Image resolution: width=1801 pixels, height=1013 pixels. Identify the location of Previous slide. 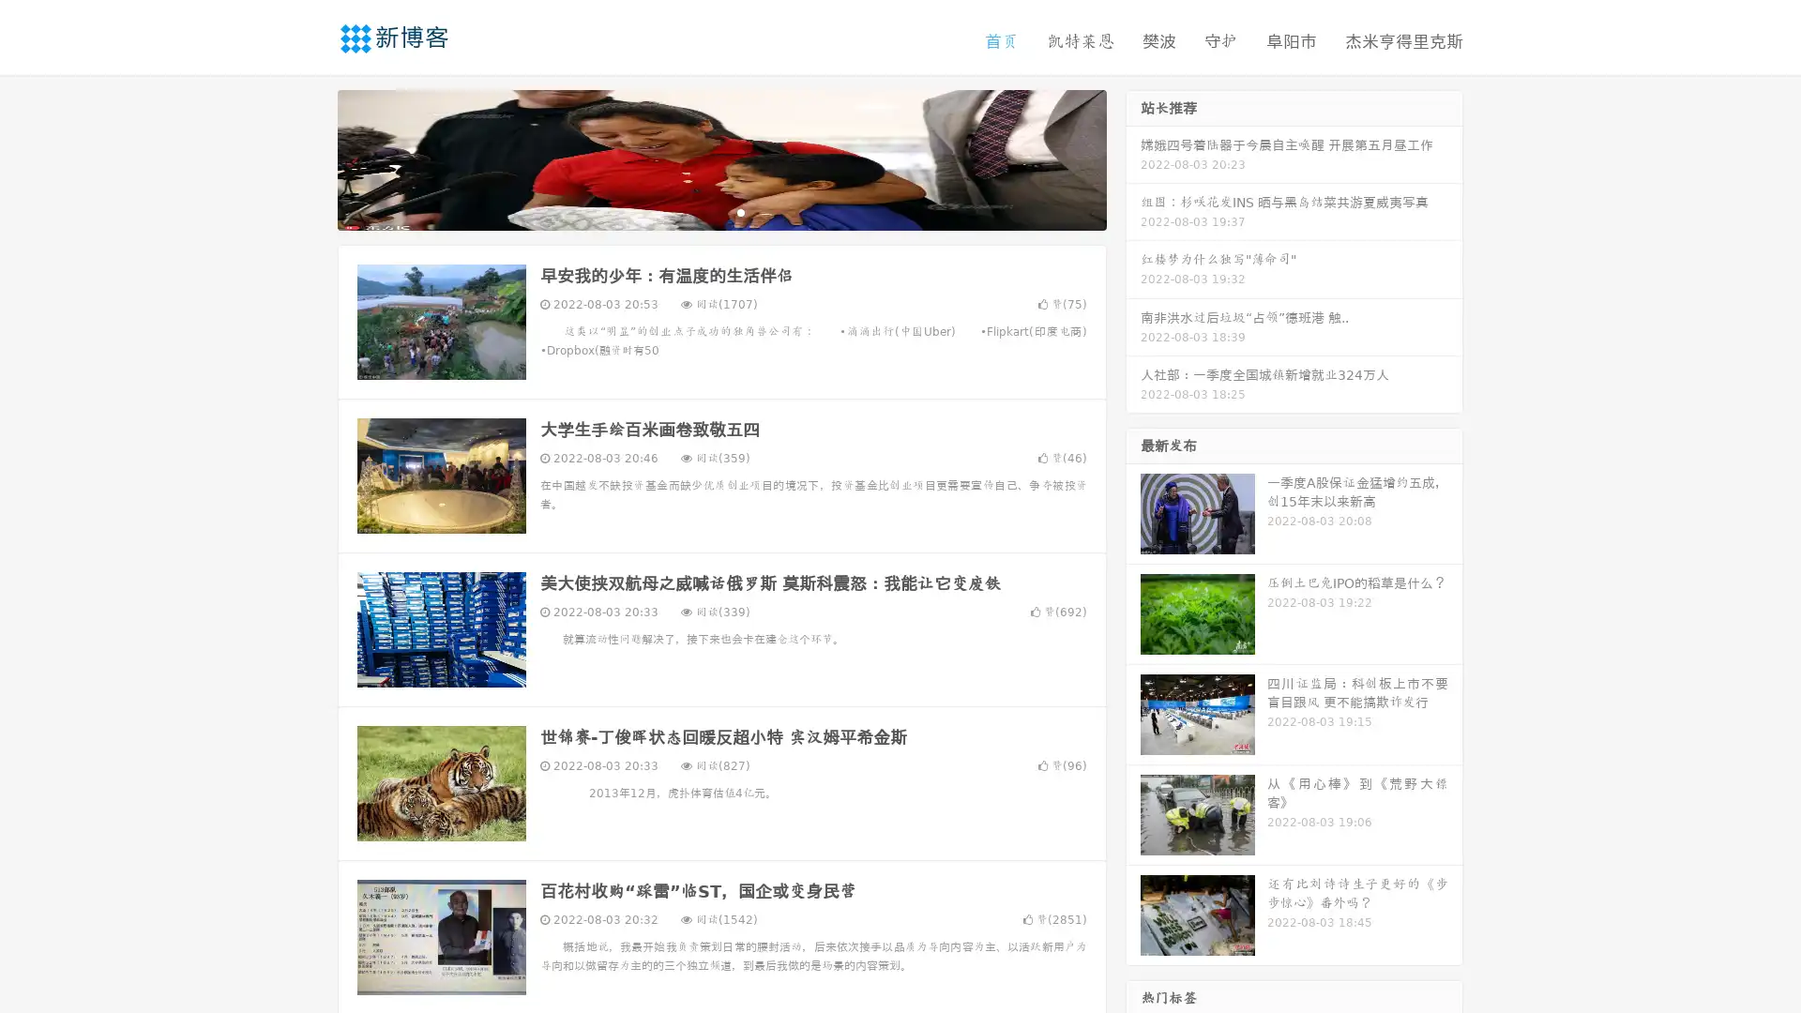
(310, 158).